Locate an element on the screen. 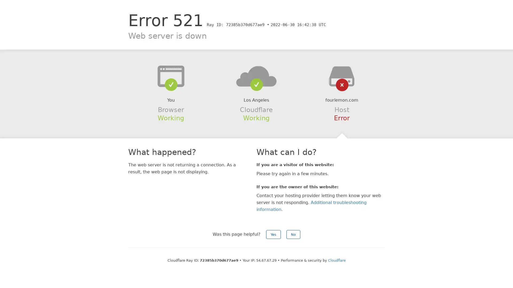 This screenshot has height=288, width=513. Yes is located at coordinates (273, 234).